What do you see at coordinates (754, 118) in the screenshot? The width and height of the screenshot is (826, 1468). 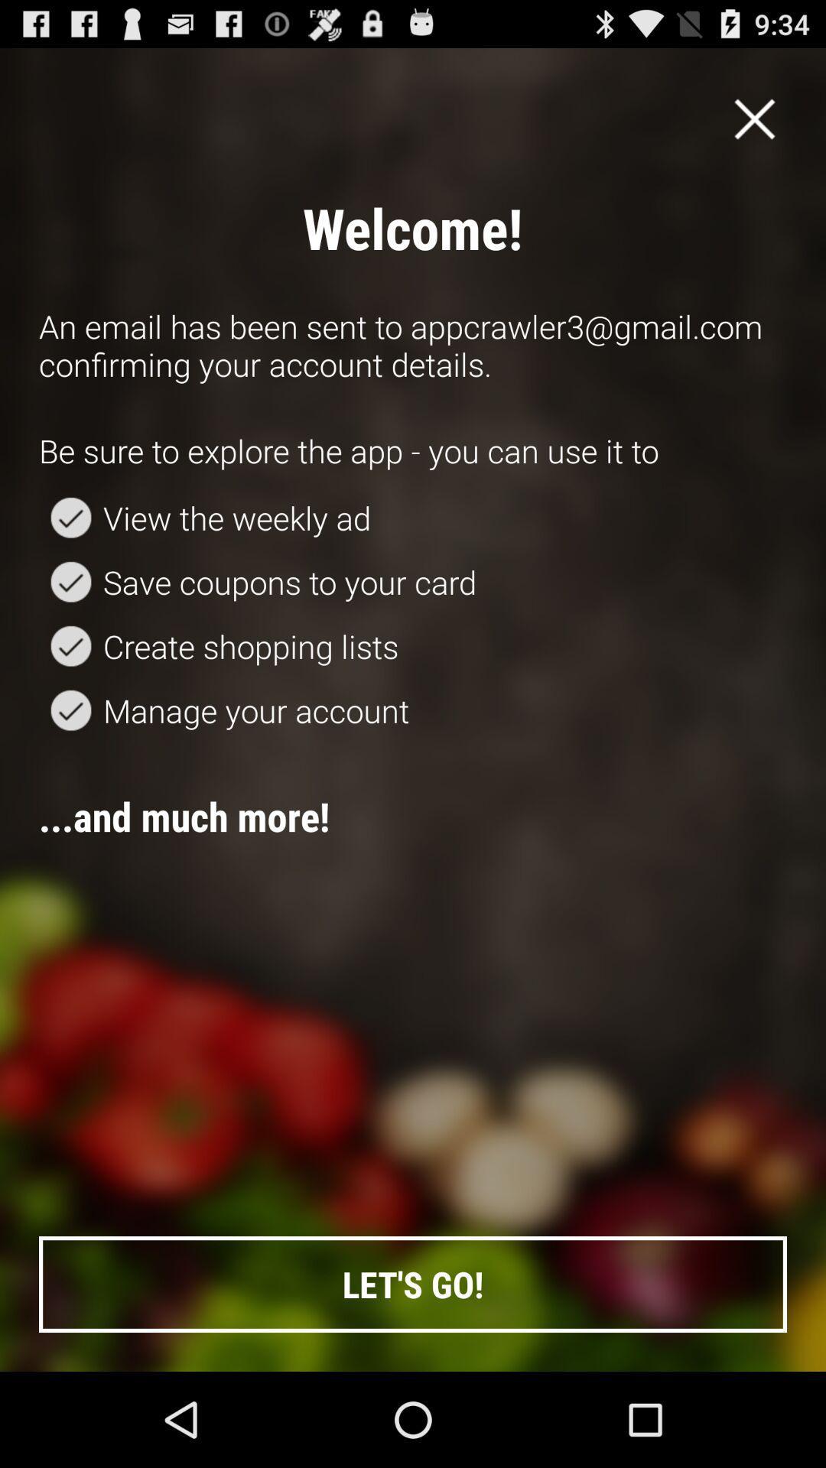 I see `go close` at bounding box center [754, 118].